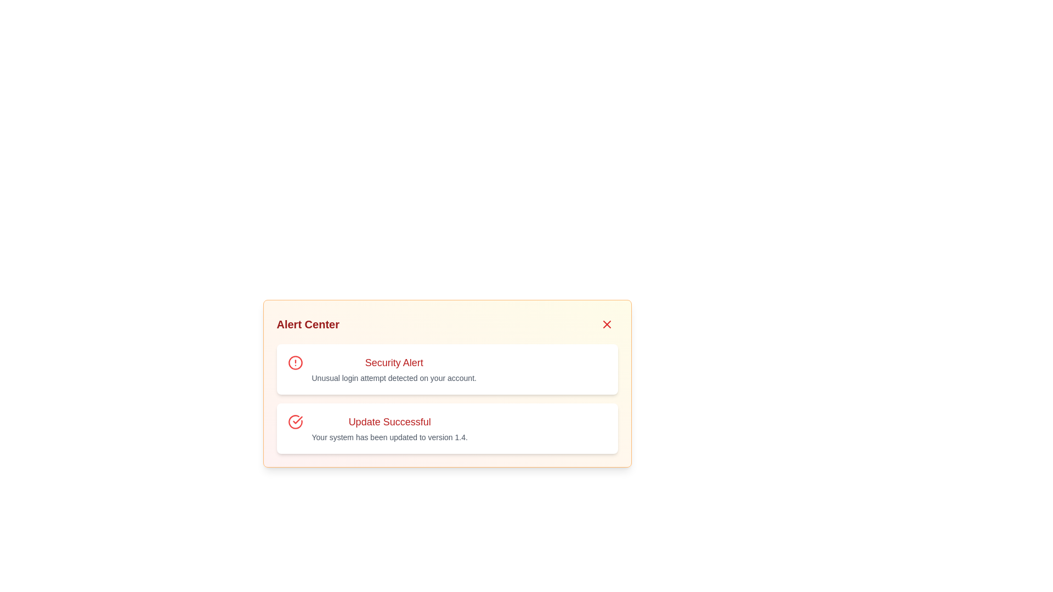 This screenshot has width=1053, height=592. I want to click on the text label that displays the message 'Your system has been updated to version 1.4.' located within the notification card titled 'Update Successful.', so click(389, 437).